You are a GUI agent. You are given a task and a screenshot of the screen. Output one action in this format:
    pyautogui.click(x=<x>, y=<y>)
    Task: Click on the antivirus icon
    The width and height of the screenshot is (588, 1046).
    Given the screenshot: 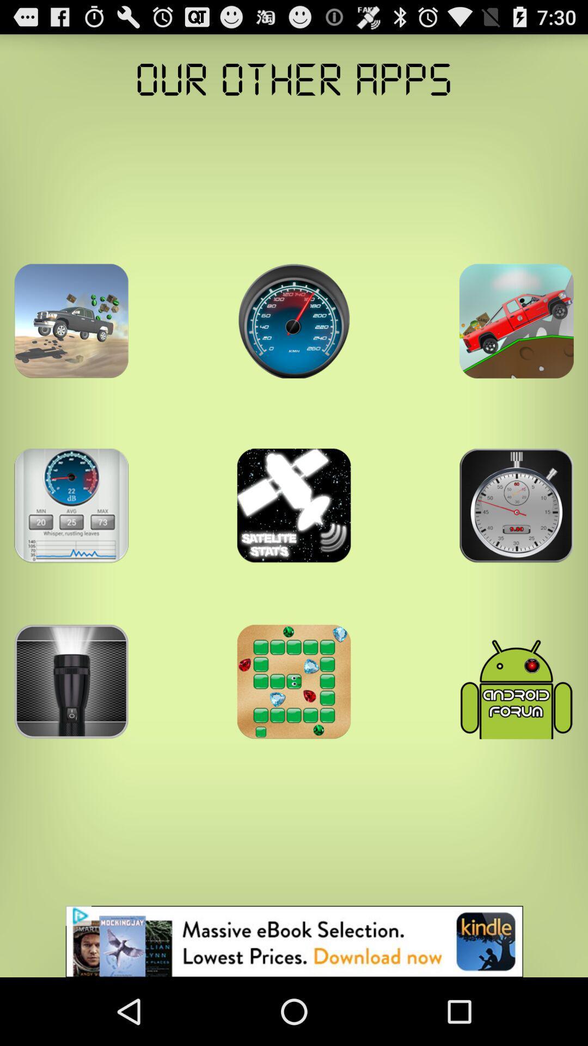 What is the action you would take?
    pyautogui.click(x=516, y=681)
    